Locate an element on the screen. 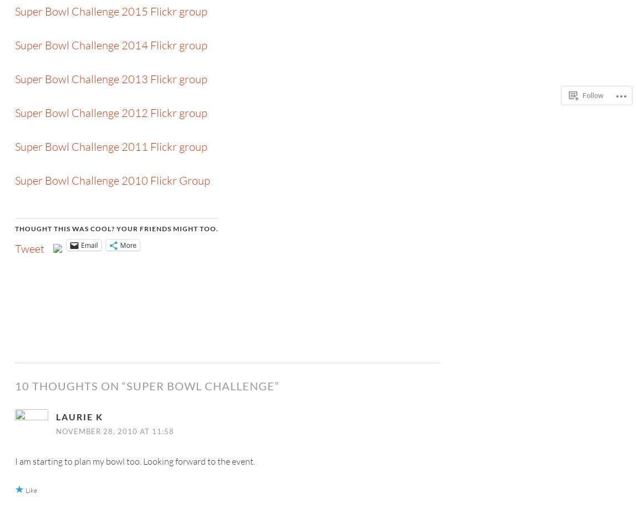  'Super Bowl Challenge 2015 Flickr' is located at coordinates (95, 11).